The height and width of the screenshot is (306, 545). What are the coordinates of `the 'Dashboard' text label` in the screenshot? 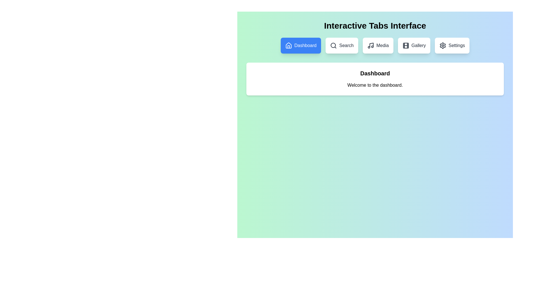 It's located at (305, 45).